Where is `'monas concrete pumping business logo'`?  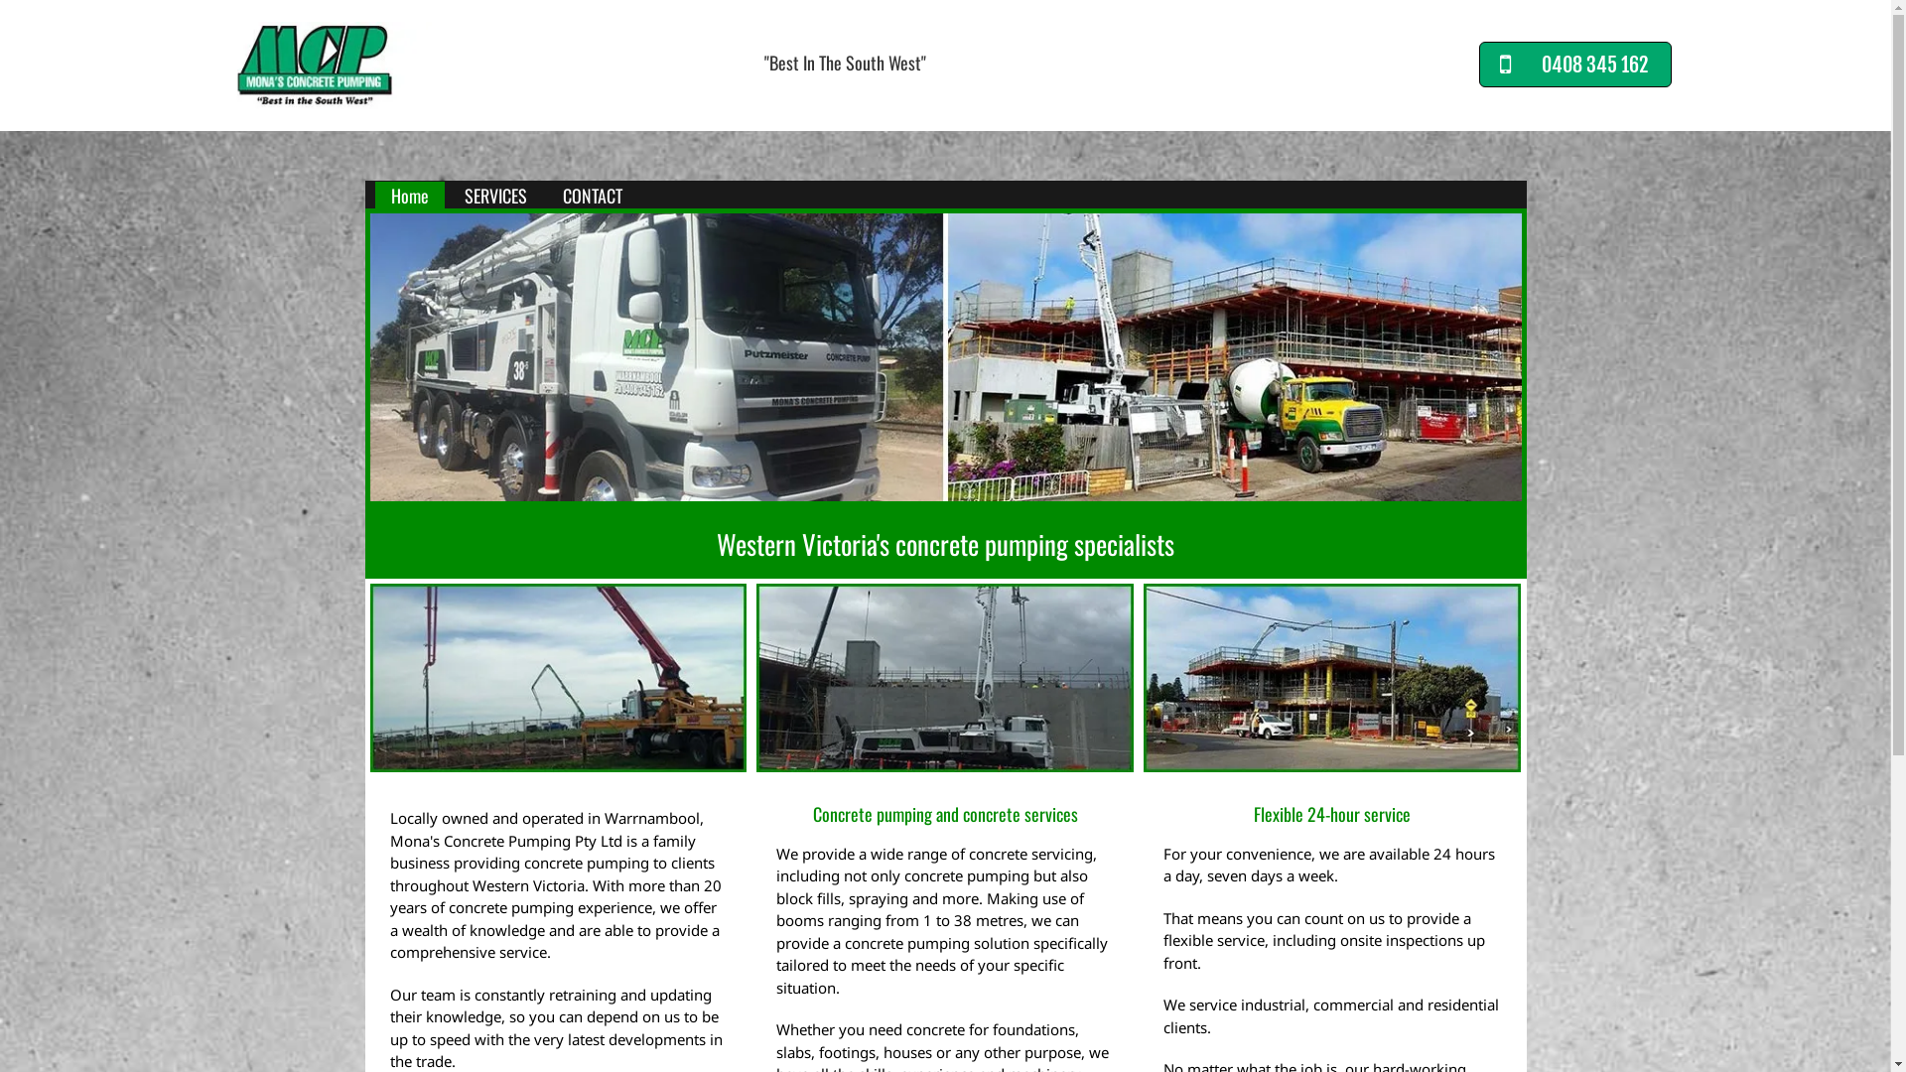 'monas concrete pumping business logo' is located at coordinates (314, 64).